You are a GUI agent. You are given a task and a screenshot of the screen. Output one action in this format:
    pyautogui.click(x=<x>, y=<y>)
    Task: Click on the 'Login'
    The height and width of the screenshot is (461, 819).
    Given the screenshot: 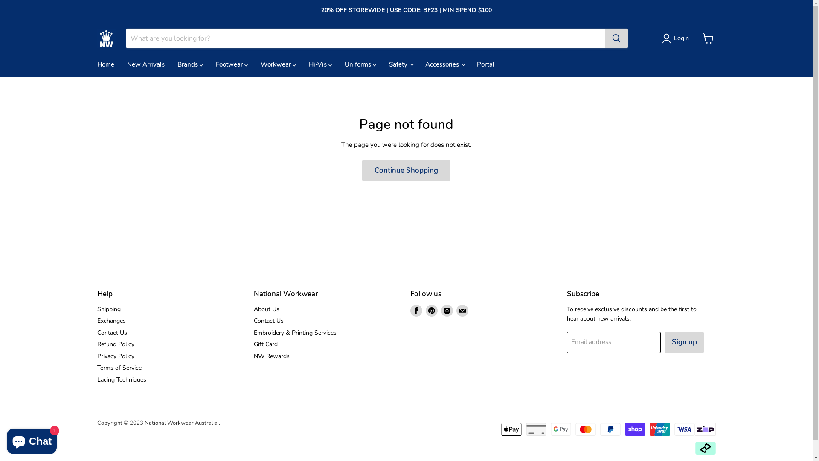 What is the action you would take?
    pyautogui.click(x=681, y=38)
    